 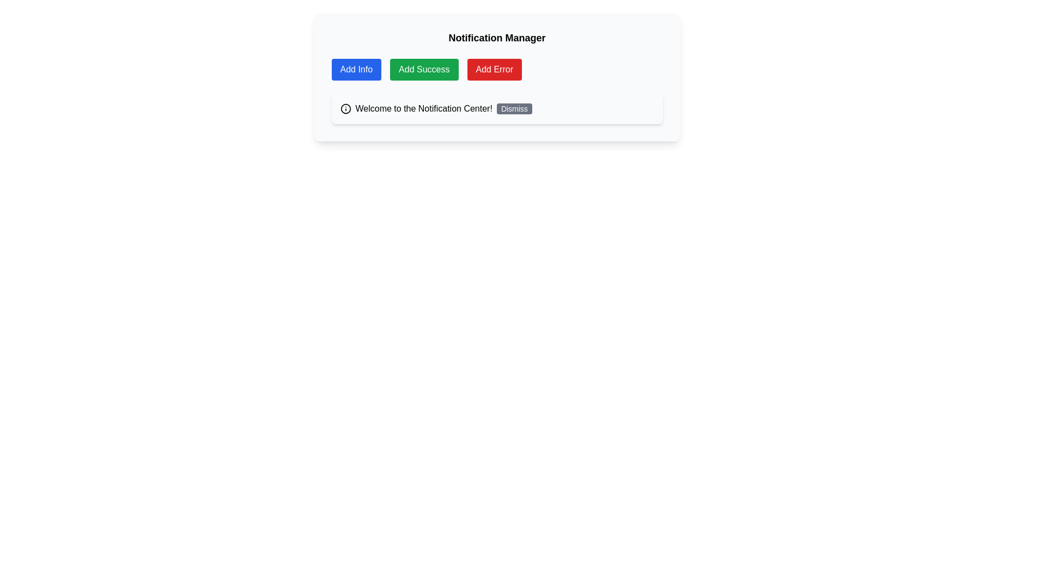 I want to click on the informational icon located at the far left of the notification message panel, which is adjacent to the text 'Welcome to the Notification Center!', so click(x=345, y=109).